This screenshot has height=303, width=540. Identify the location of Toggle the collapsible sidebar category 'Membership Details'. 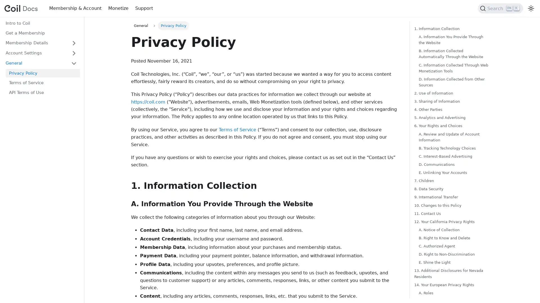
(74, 43).